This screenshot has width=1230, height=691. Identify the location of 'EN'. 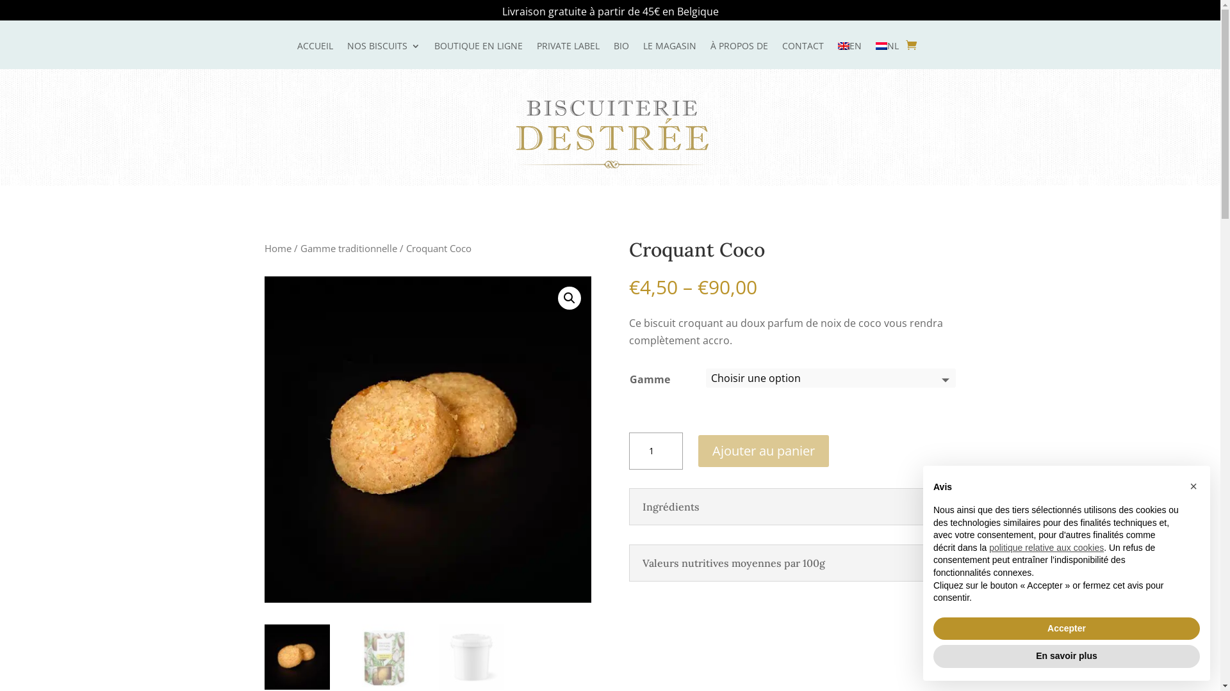
(849, 54).